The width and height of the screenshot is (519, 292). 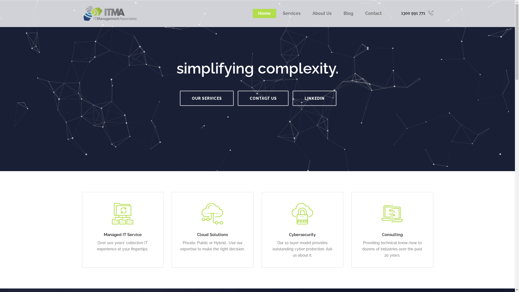 I want to click on 'OUR SERVICES', so click(x=207, y=98).